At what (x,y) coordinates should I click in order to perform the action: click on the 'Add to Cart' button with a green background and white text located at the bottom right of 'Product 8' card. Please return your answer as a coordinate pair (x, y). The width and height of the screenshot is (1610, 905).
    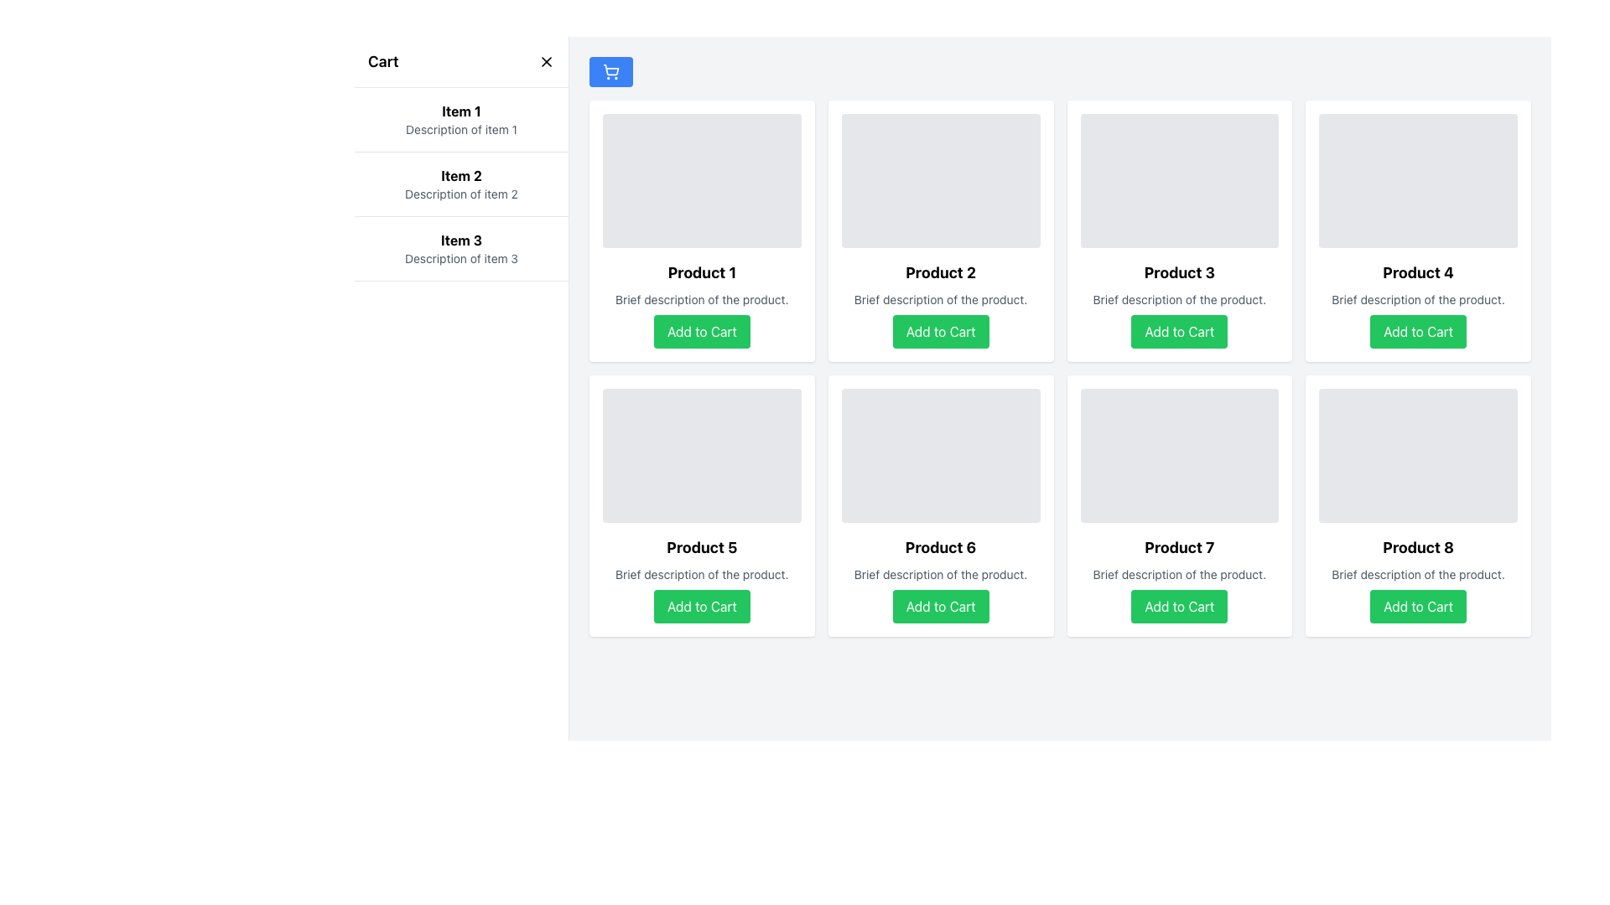
    Looking at the image, I should click on (1417, 607).